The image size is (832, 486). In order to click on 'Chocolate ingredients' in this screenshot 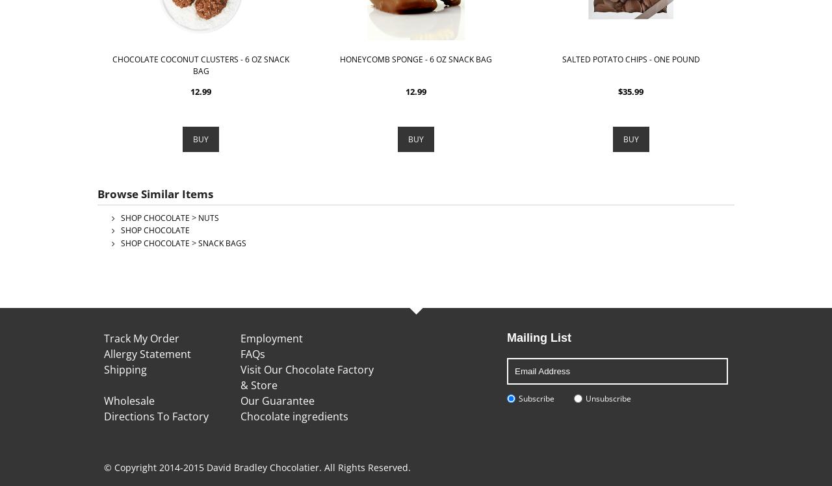, I will do `click(293, 416)`.